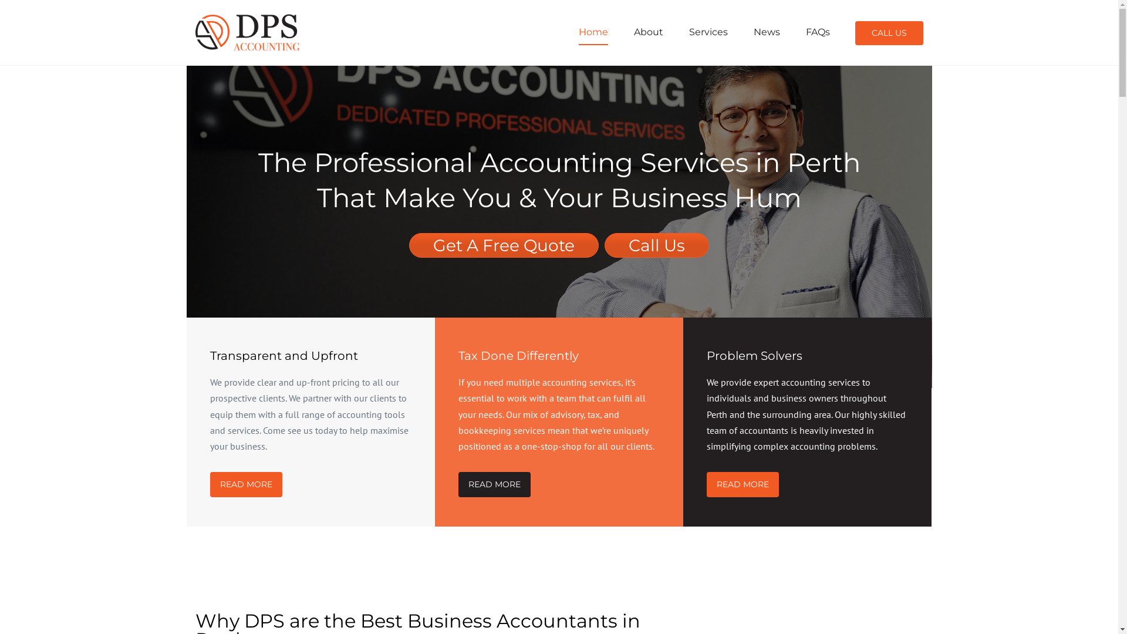 The width and height of the screenshot is (1127, 634). What do you see at coordinates (707, 31) in the screenshot?
I see `'Services'` at bounding box center [707, 31].